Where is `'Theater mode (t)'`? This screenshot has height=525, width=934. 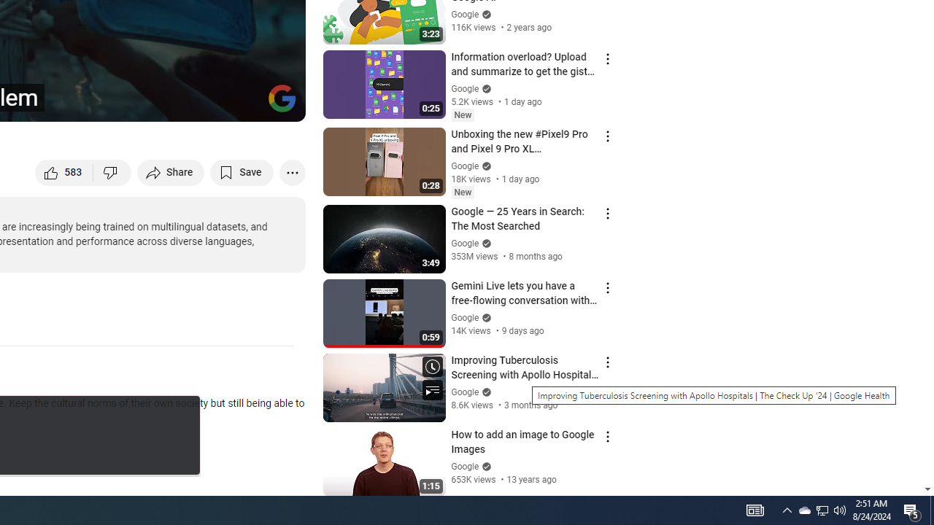 'Theater mode (t)' is located at coordinates (244, 103).